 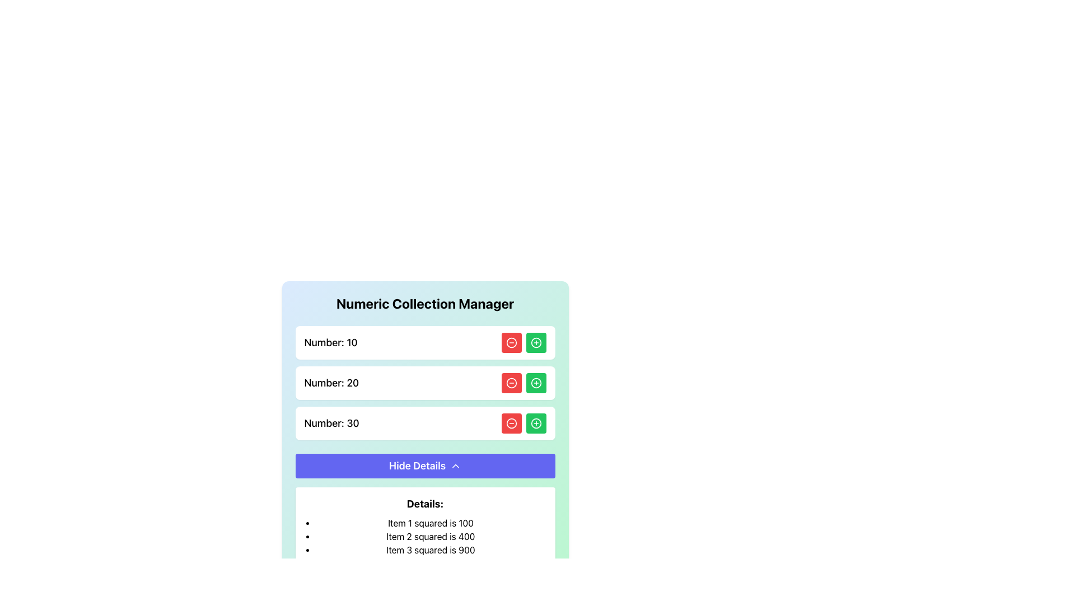 I want to click on the outer circular boundary of the red icon with a minus sign, located beside the number '20' in the 'Numeric Collection Manager' section, so click(x=511, y=382).